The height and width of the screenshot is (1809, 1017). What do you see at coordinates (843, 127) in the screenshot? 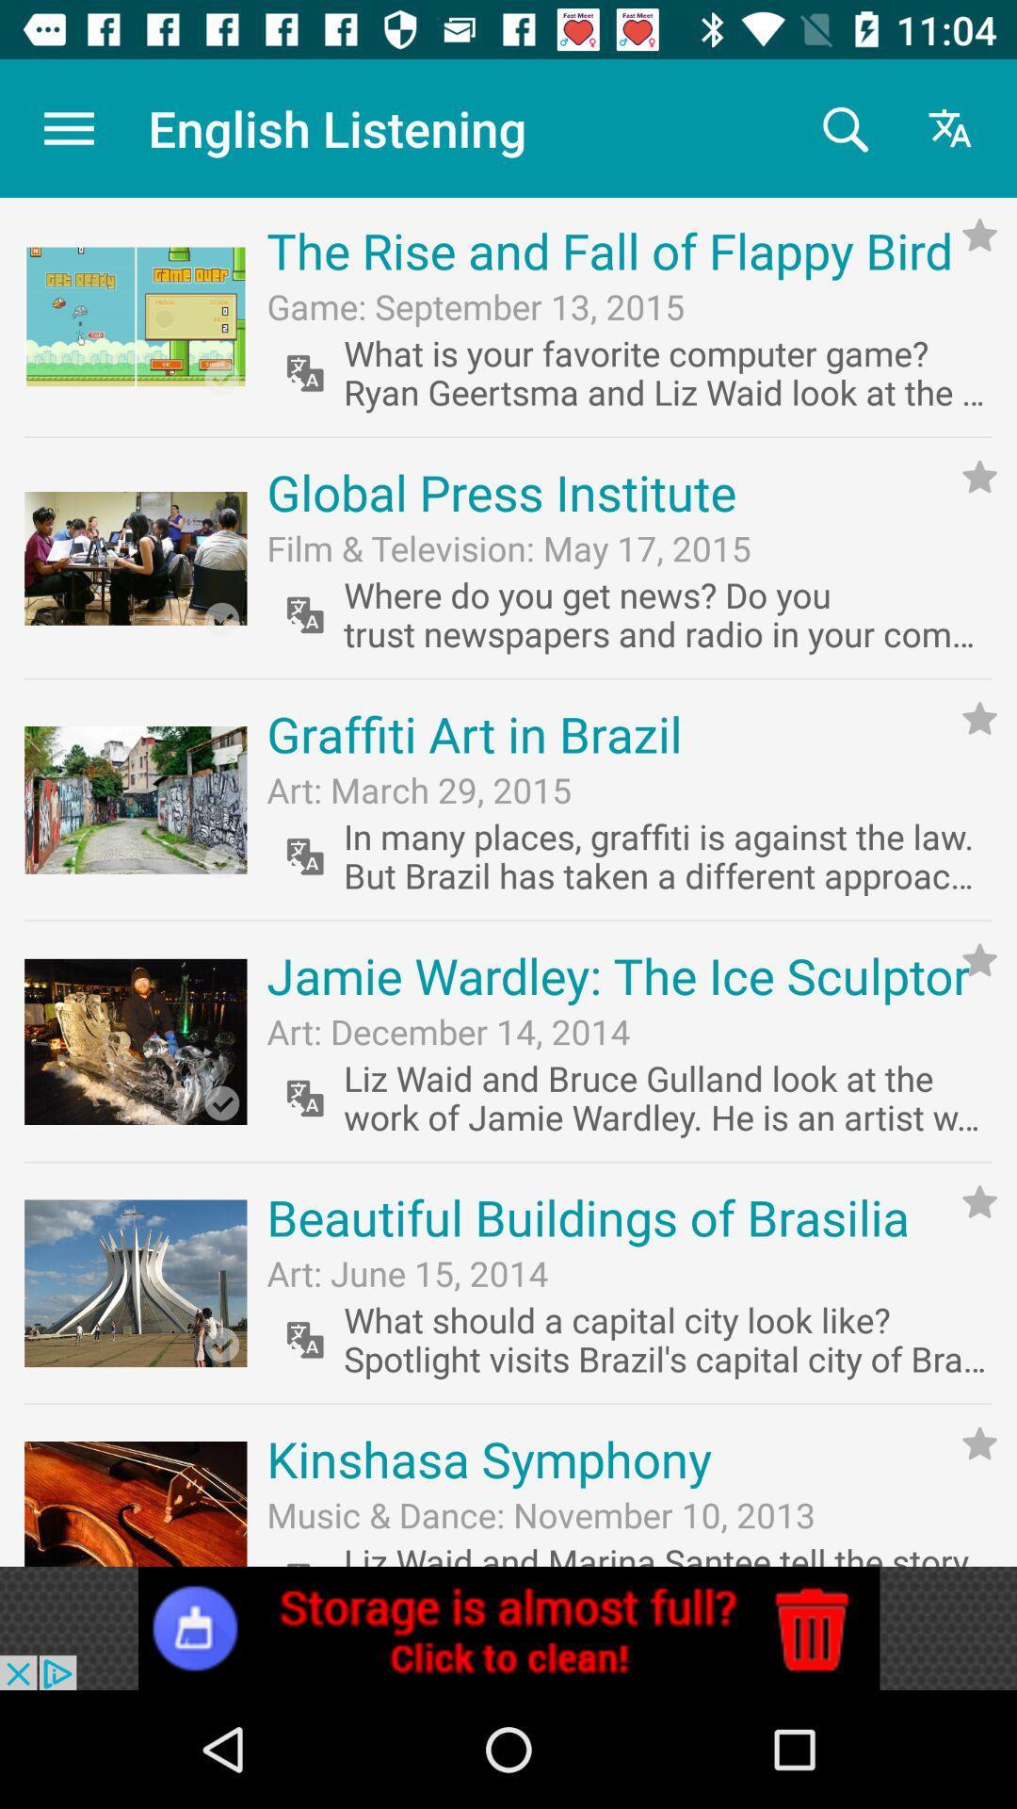
I see `the search icon` at bounding box center [843, 127].